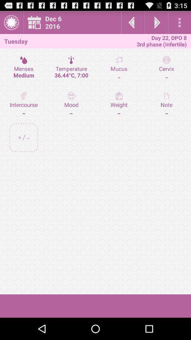  I want to click on item above the tuesday app, so click(11, 22).